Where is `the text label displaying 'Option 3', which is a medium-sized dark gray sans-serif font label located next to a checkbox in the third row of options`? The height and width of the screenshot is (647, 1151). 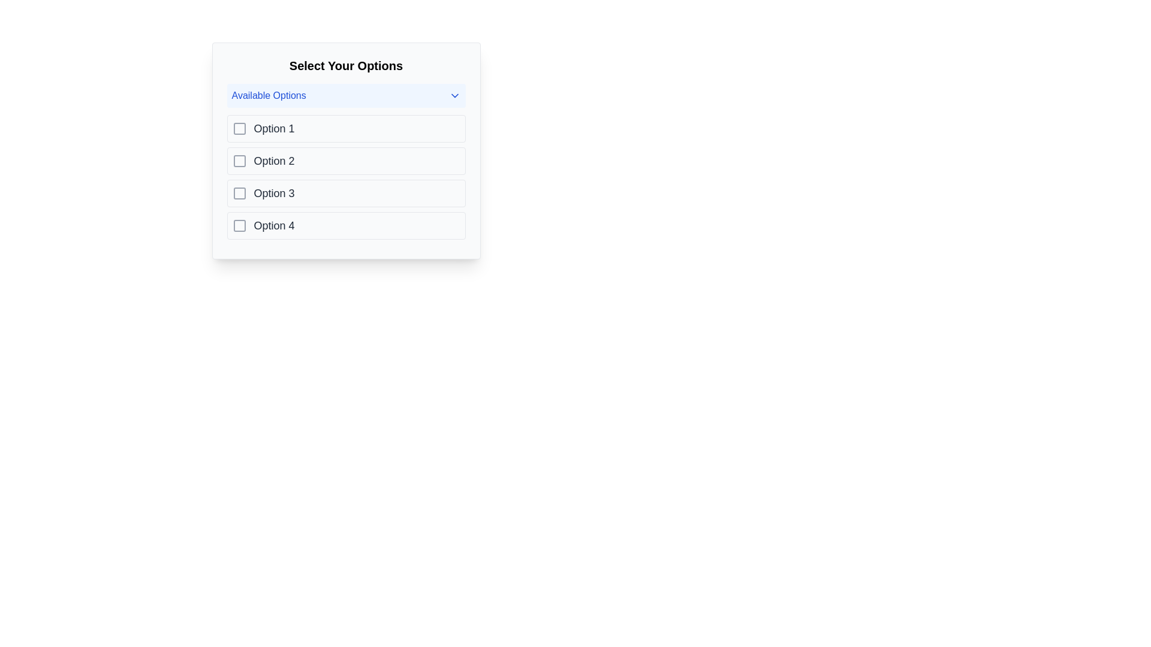
the text label displaying 'Option 3', which is a medium-sized dark gray sans-serif font label located next to a checkbox in the third row of options is located at coordinates (273, 193).